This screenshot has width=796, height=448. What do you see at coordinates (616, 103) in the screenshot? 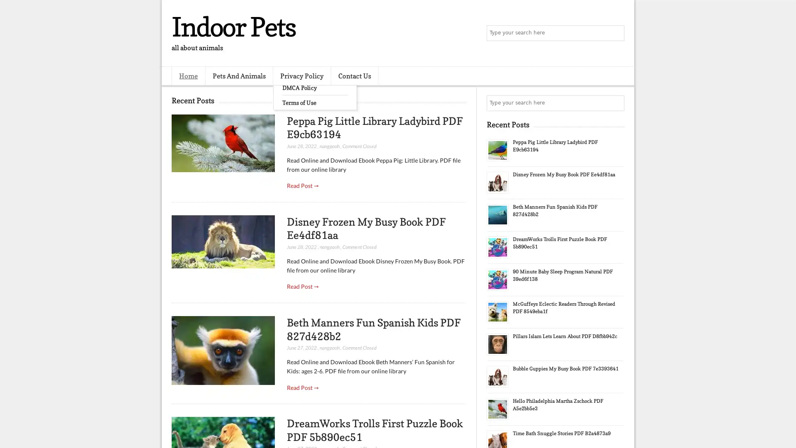
I see `Search` at bounding box center [616, 103].